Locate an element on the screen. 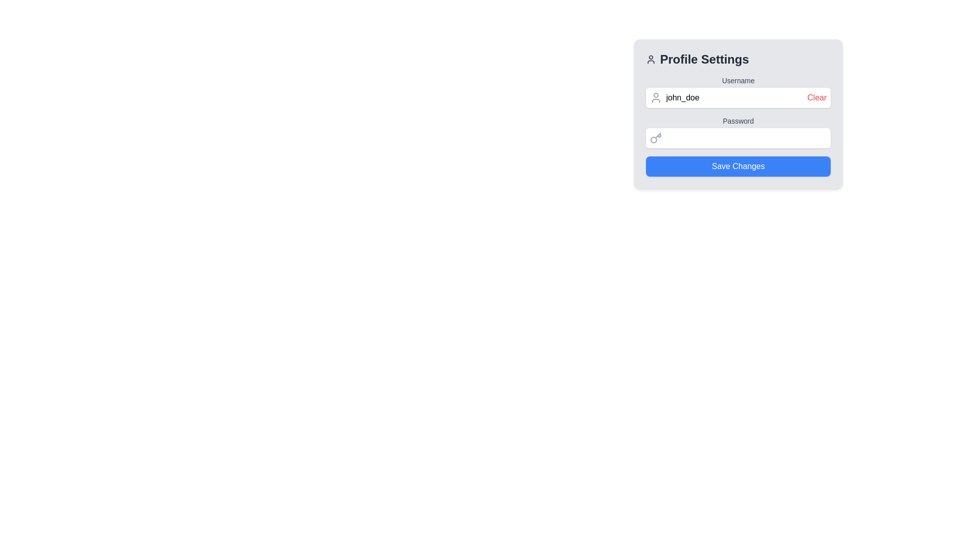 Image resolution: width=969 pixels, height=545 pixels. the user profile icon, which is a gray vector graphic located to the left of the username text input field displaying 'john_doe' is located at coordinates (656, 97).